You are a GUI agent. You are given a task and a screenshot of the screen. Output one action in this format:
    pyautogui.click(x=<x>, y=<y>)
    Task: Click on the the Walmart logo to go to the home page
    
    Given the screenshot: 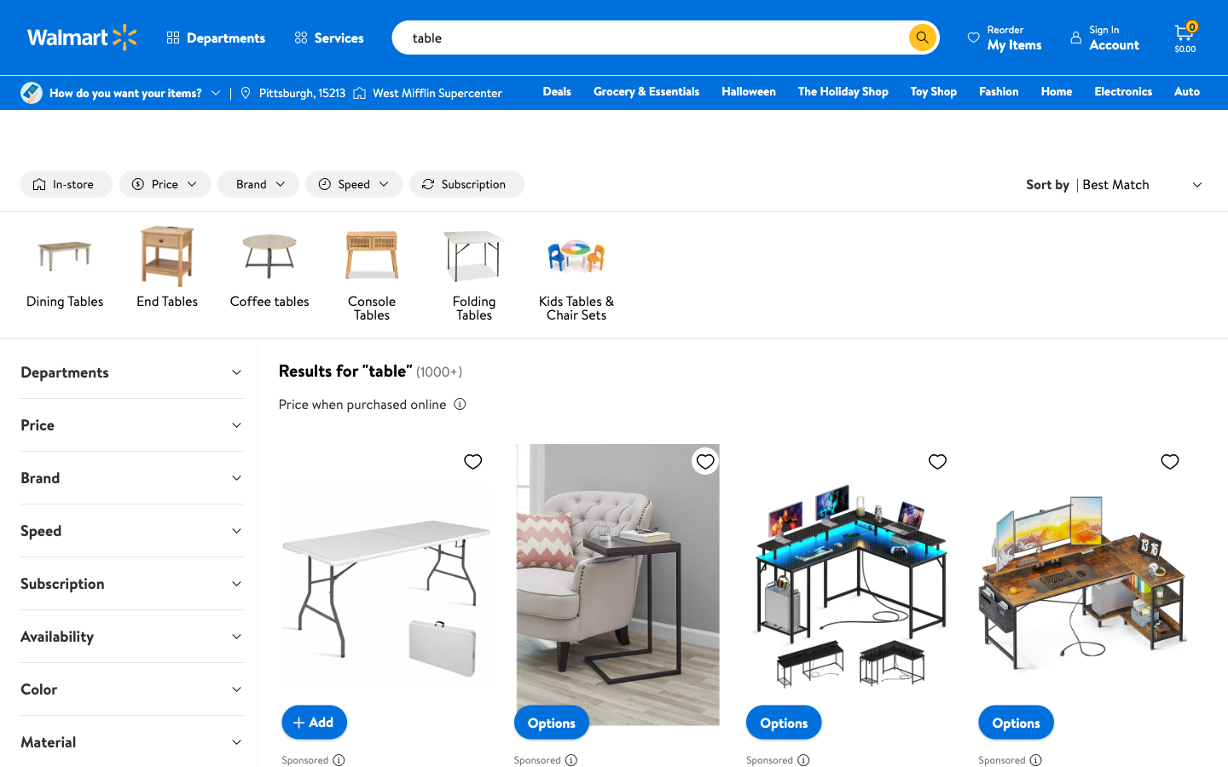 What is the action you would take?
    pyautogui.click(x=83, y=37)
    